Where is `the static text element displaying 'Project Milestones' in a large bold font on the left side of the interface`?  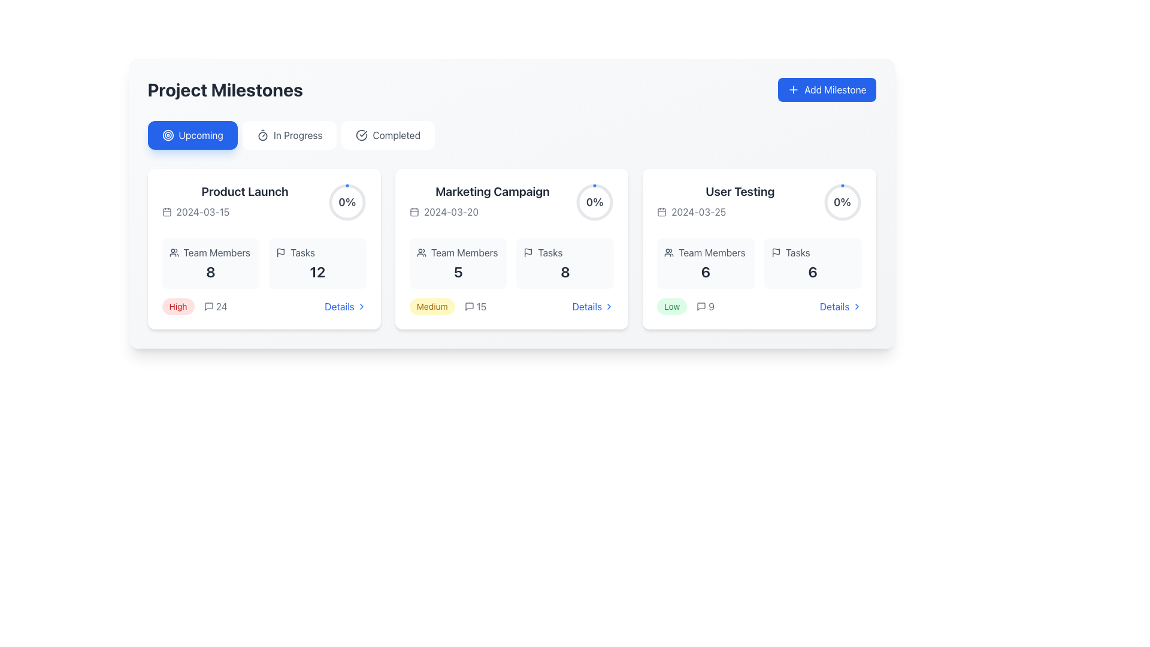
the static text element displaying 'Project Milestones' in a large bold font on the left side of the interface is located at coordinates (225, 89).